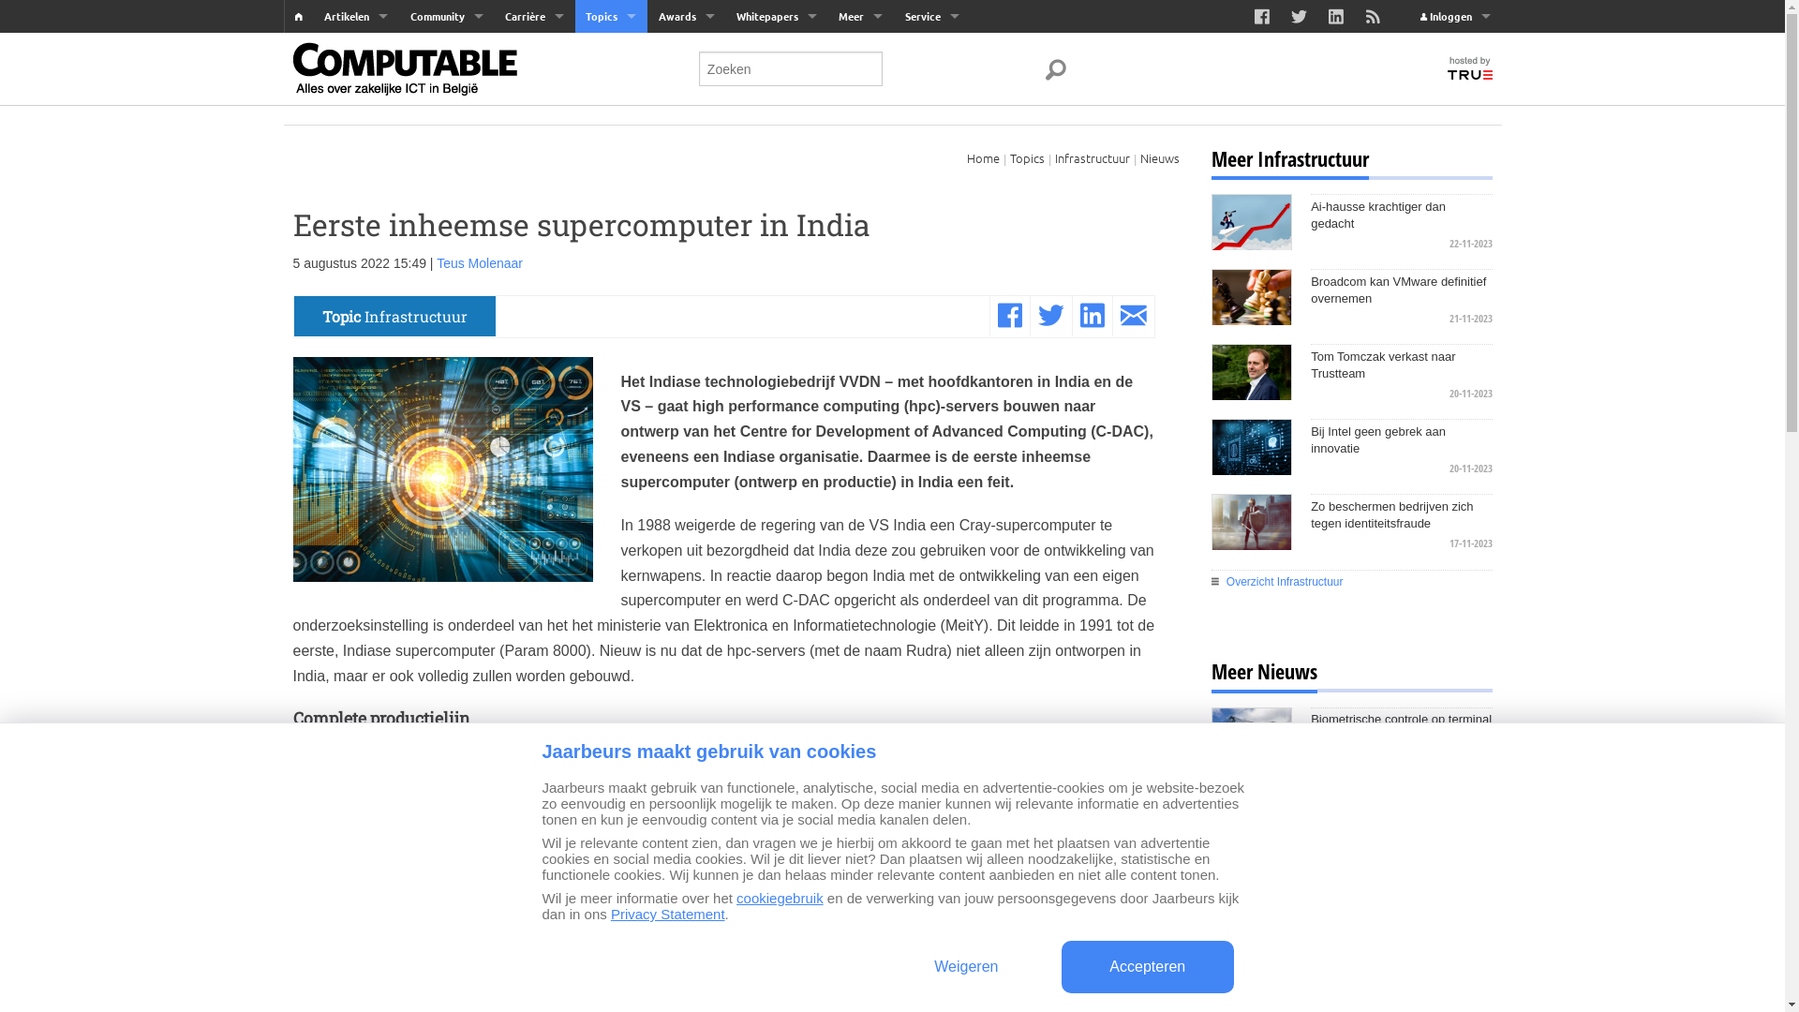 Image resolution: width=1799 pixels, height=1012 pixels. I want to click on 'Overzicht Infrastructuur', so click(1350, 581).